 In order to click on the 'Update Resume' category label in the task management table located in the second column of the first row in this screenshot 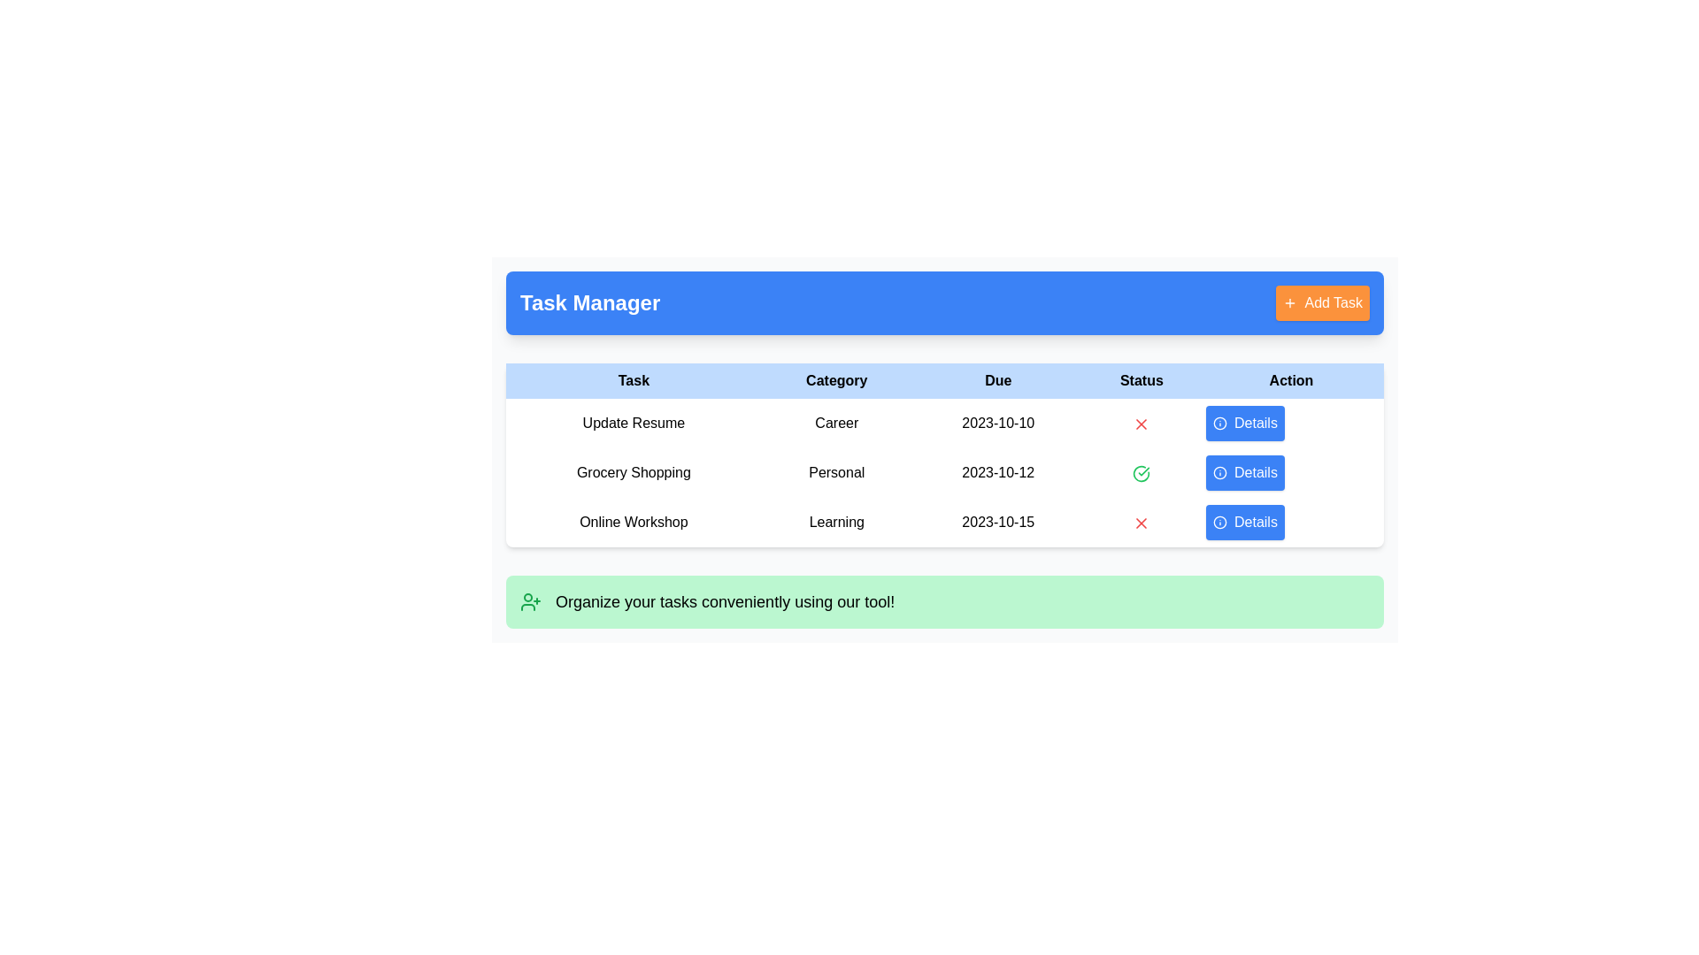, I will do `click(835, 423)`.